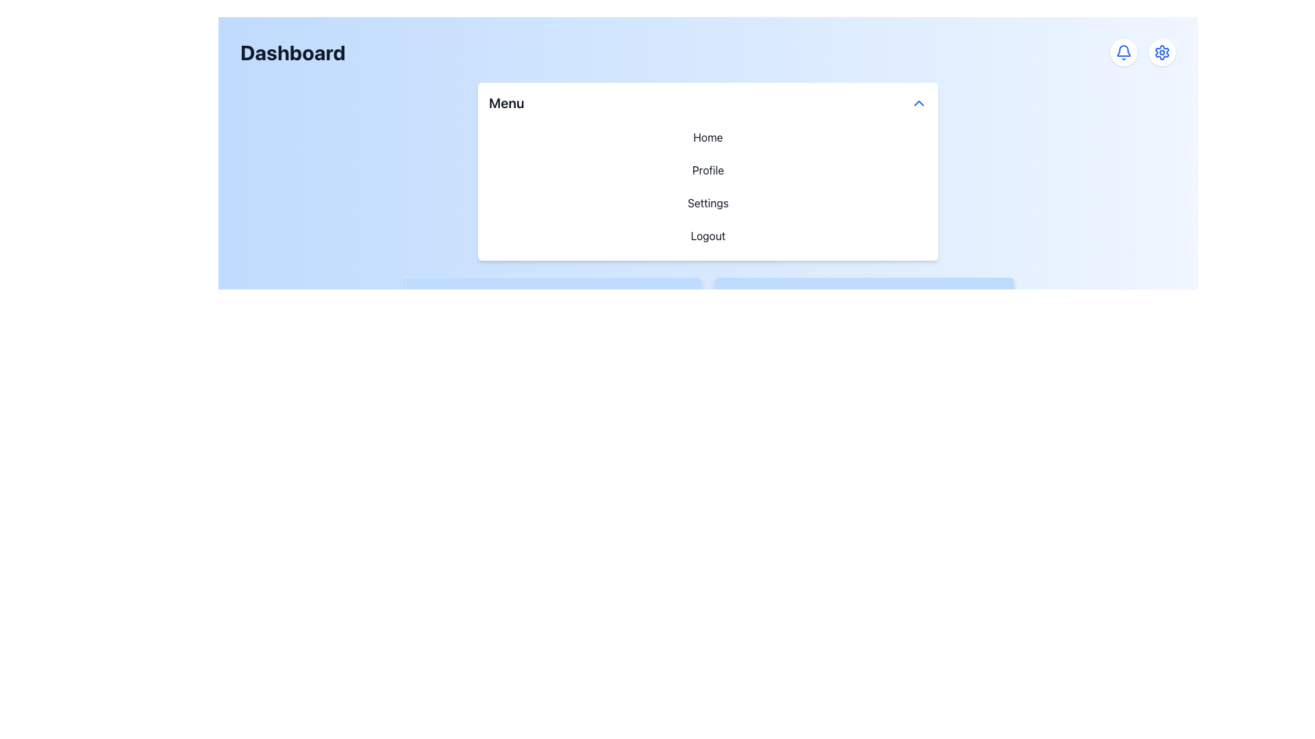 The image size is (1315, 739). Describe the element at coordinates (919, 102) in the screenshot. I see `the icon` at that location.